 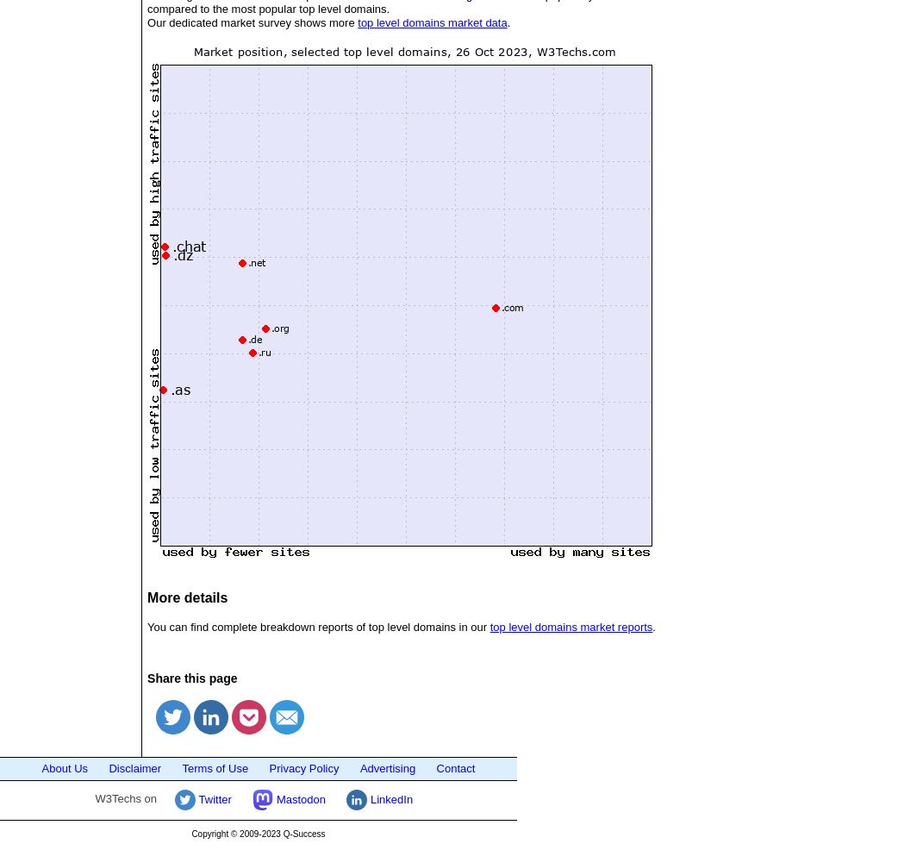 What do you see at coordinates (390, 798) in the screenshot?
I see `'LinkedIn'` at bounding box center [390, 798].